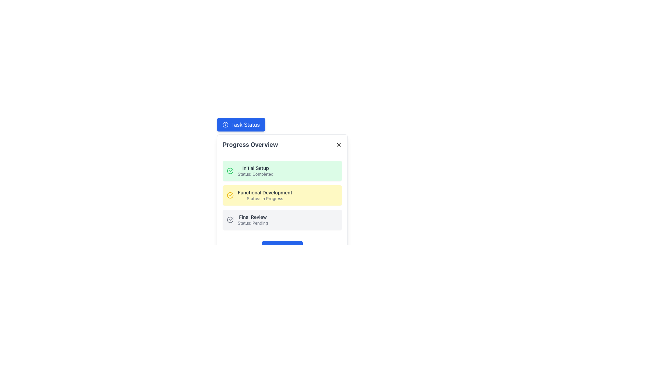 The height and width of the screenshot is (367, 654). I want to click on the circular 'info' icon inside the 'Task Status' button, which features a blue theme and contains a vertical line and a dot, so click(225, 124).